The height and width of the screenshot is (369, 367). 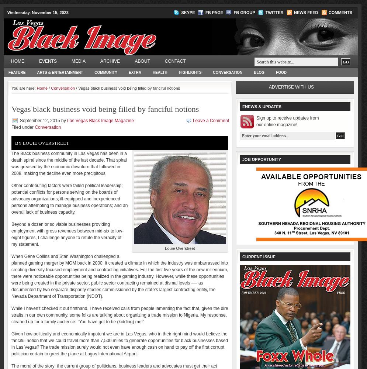 I want to click on 'FB Group', so click(x=243, y=13).